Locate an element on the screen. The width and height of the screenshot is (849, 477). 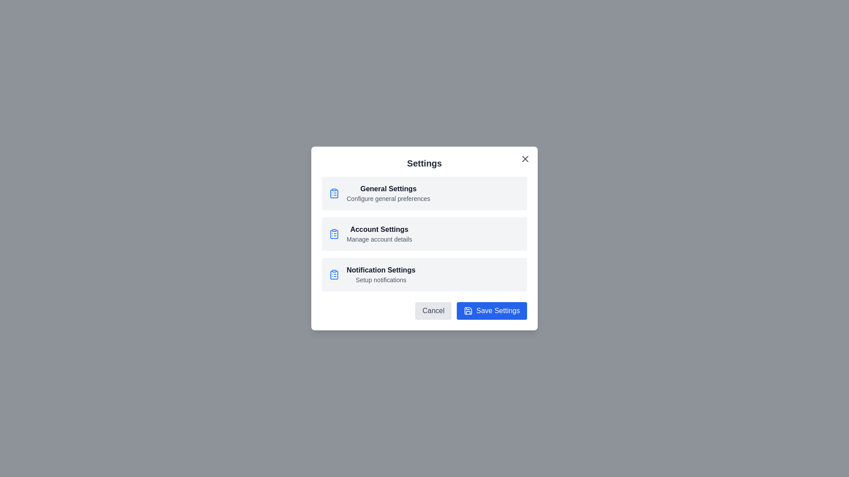
the close button styled as a small gray circle with a white 'X' symbol located in the top-right corner of the 'Settings' modal dialog is located at coordinates (525, 158).